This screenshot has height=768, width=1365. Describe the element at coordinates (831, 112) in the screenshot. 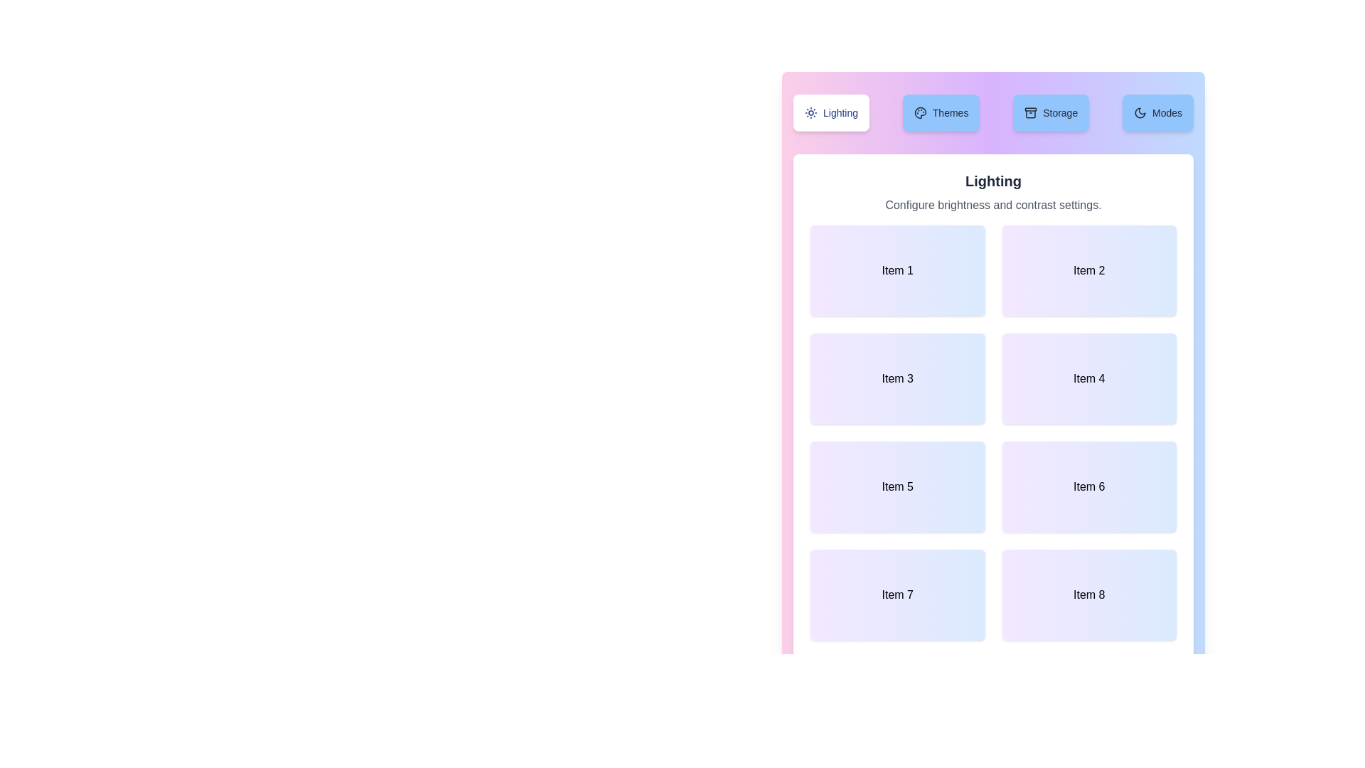

I see `the tab labeled Lighting` at that location.